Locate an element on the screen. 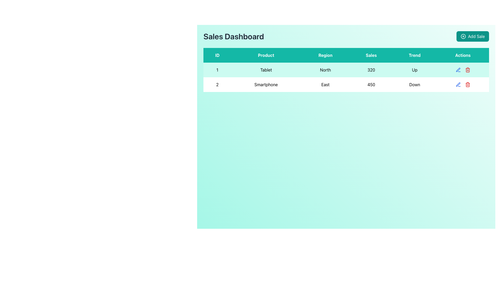  the 'Add Sale' button, which is a teal green rectangular button with a white plus-circle icon and white text, located in the top-right corner of the 'Sales Dashboard' section is located at coordinates (472, 36).